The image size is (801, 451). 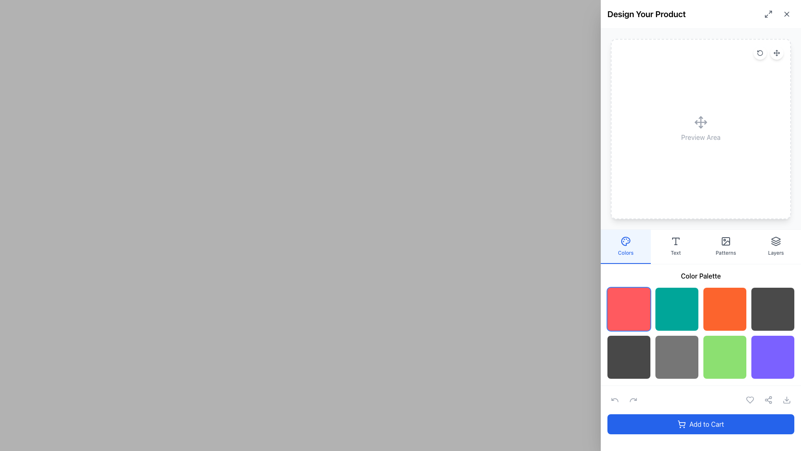 What do you see at coordinates (786, 402) in the screenshot?
I see `the graphic element representing the download icon, located in the bottom-right corner of the visible interface, which is the first component of the 'download' icon's SVG elements` at bounding box center [786, 402].